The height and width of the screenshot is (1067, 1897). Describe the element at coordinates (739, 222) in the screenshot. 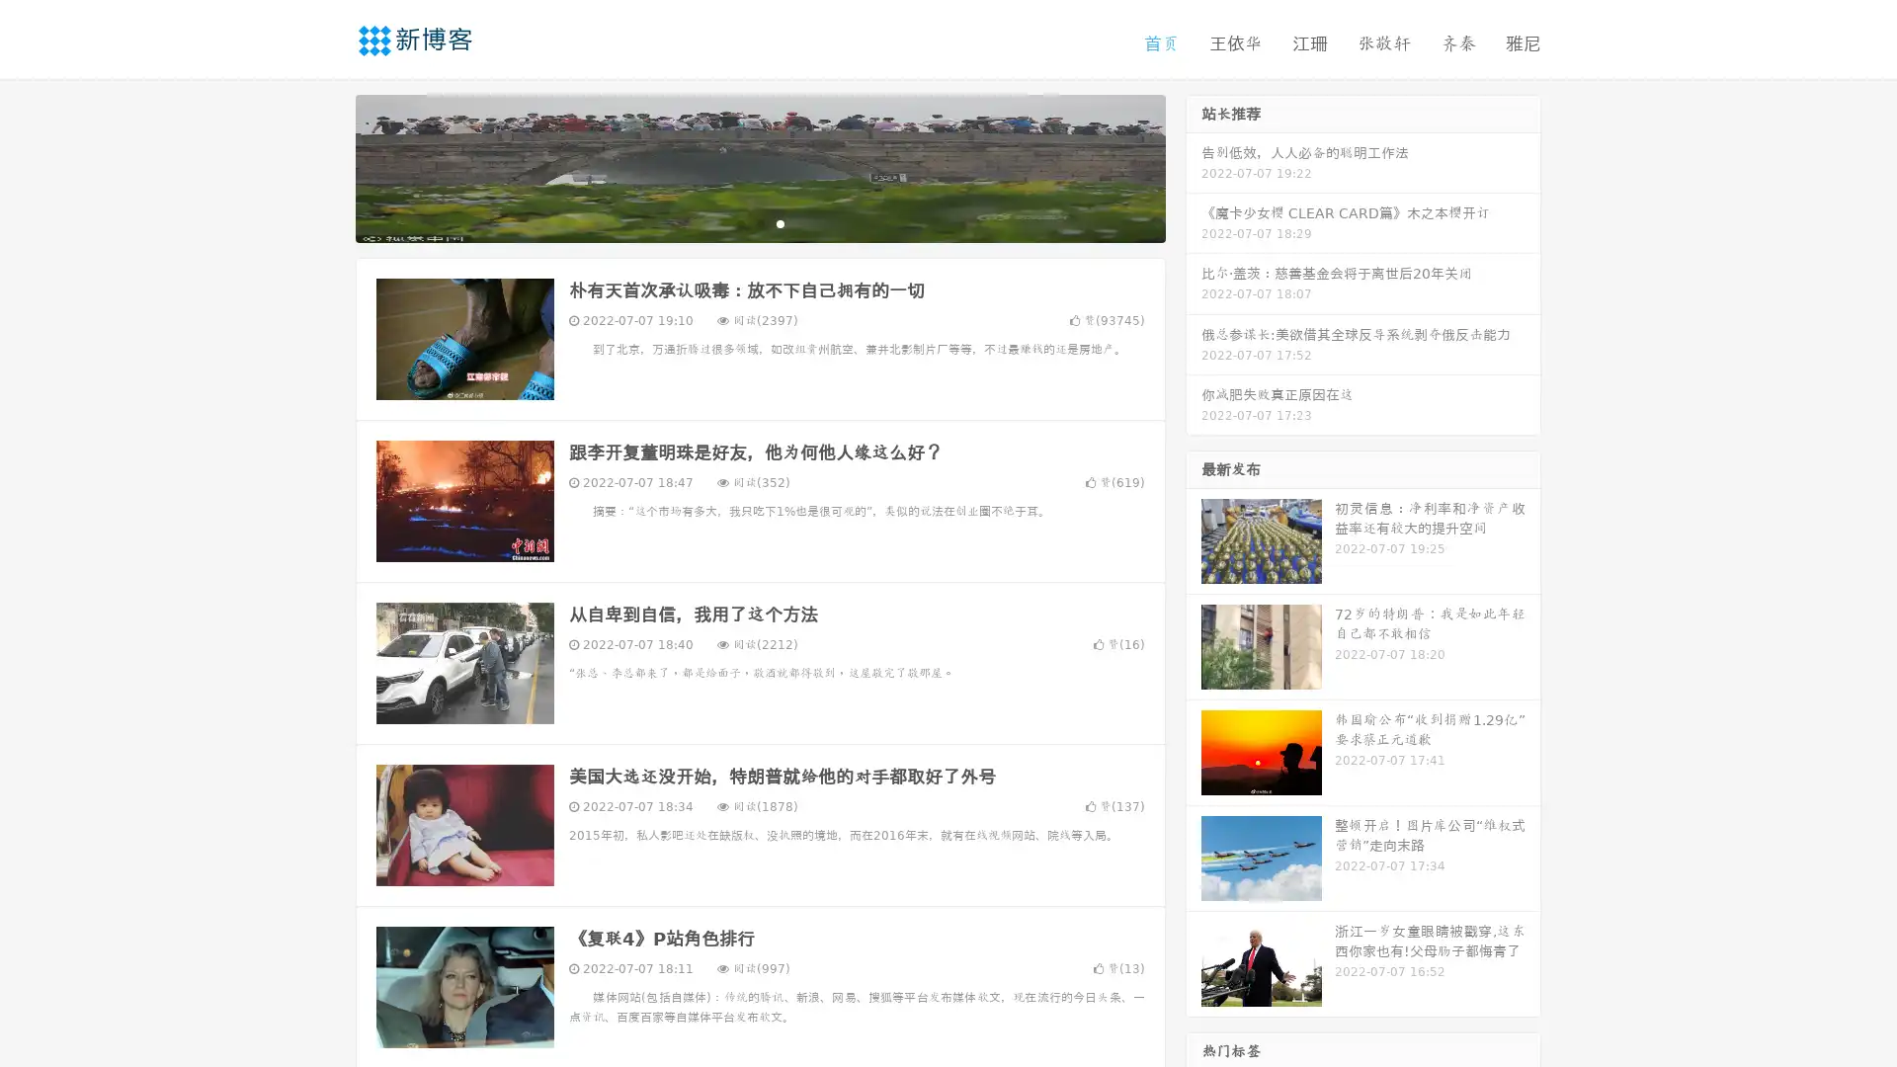

I see `Go to slide 1` at that location.